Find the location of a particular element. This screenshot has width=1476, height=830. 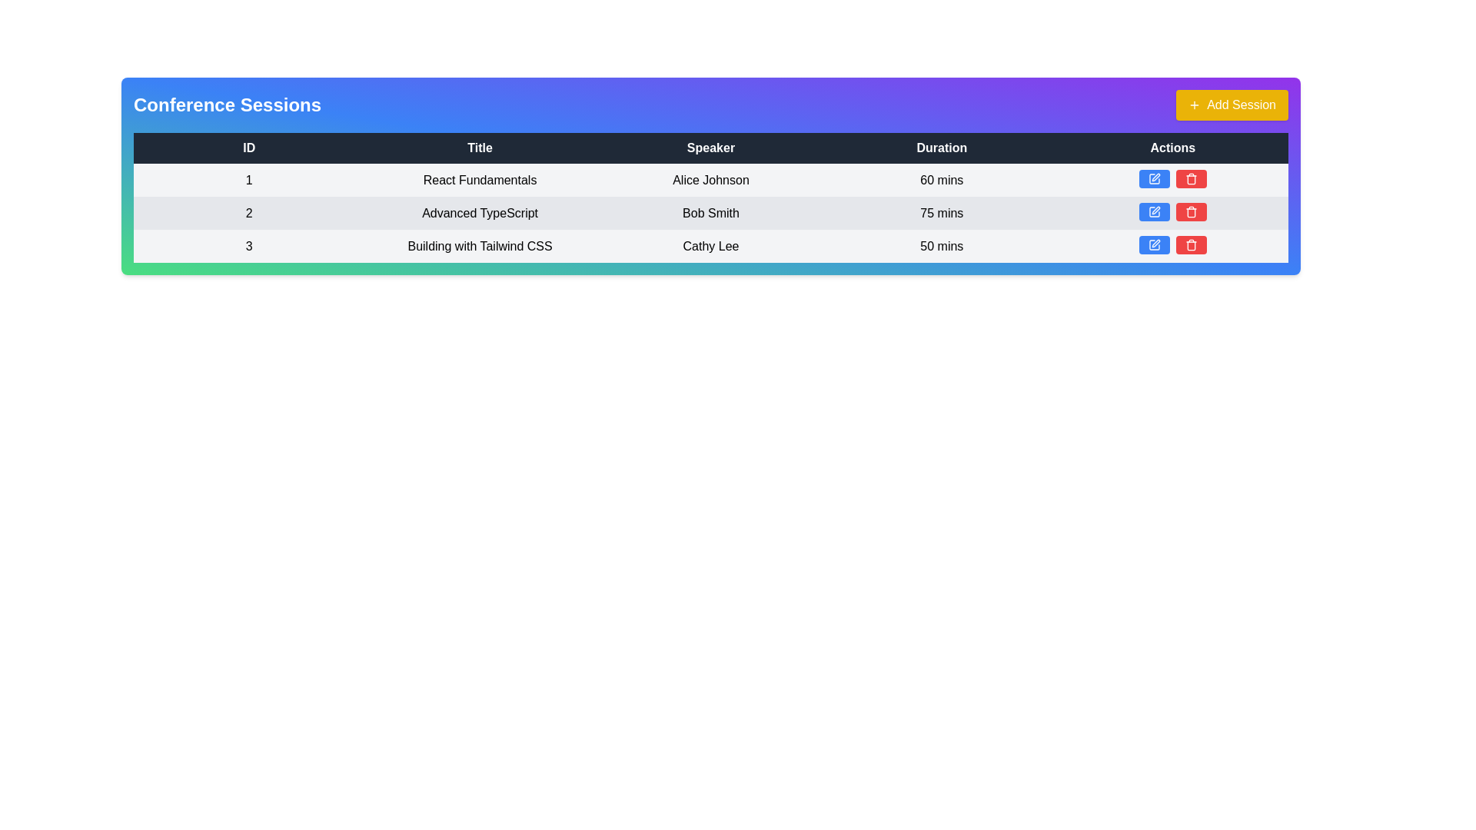

the leftmost icon button for editing in the Actions column of the second row is located at coordinates (1154, 212).